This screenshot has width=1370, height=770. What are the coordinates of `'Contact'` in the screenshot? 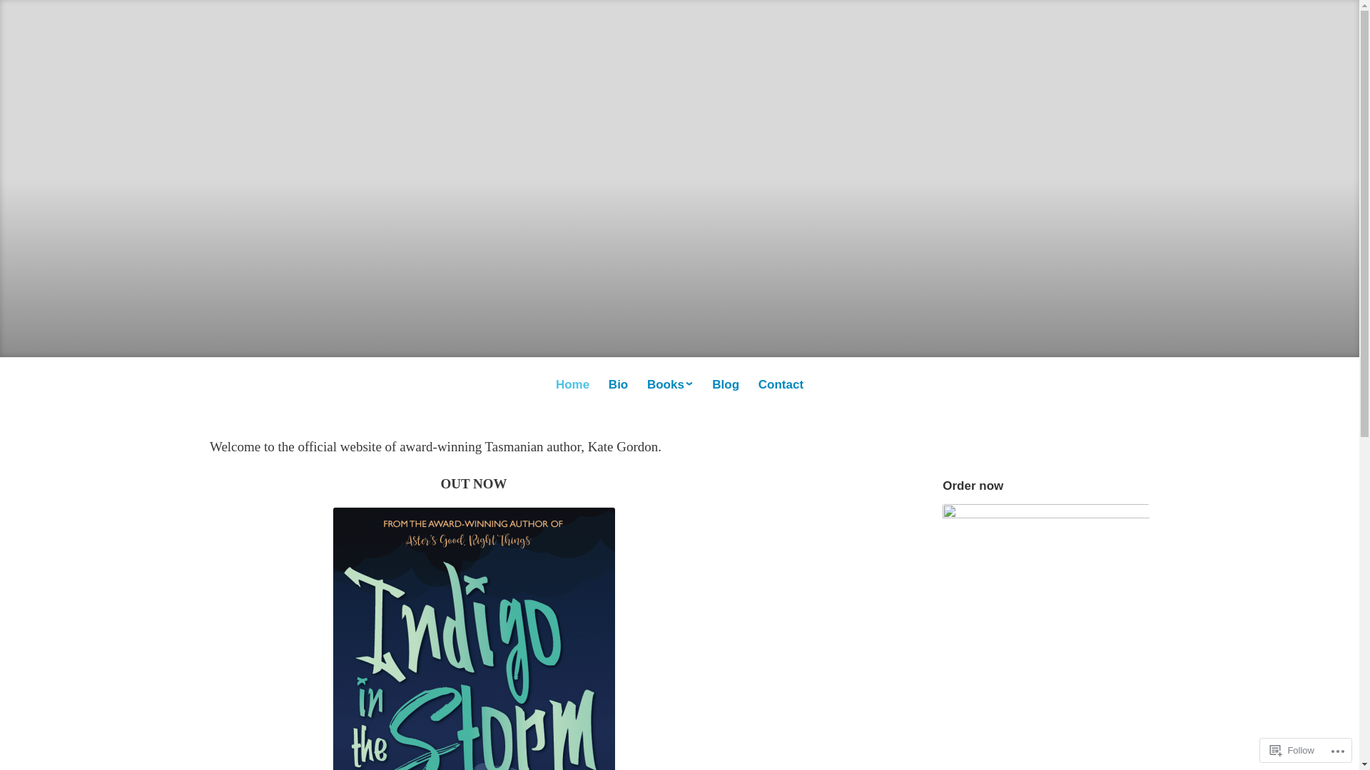 It's located at (780, 385).